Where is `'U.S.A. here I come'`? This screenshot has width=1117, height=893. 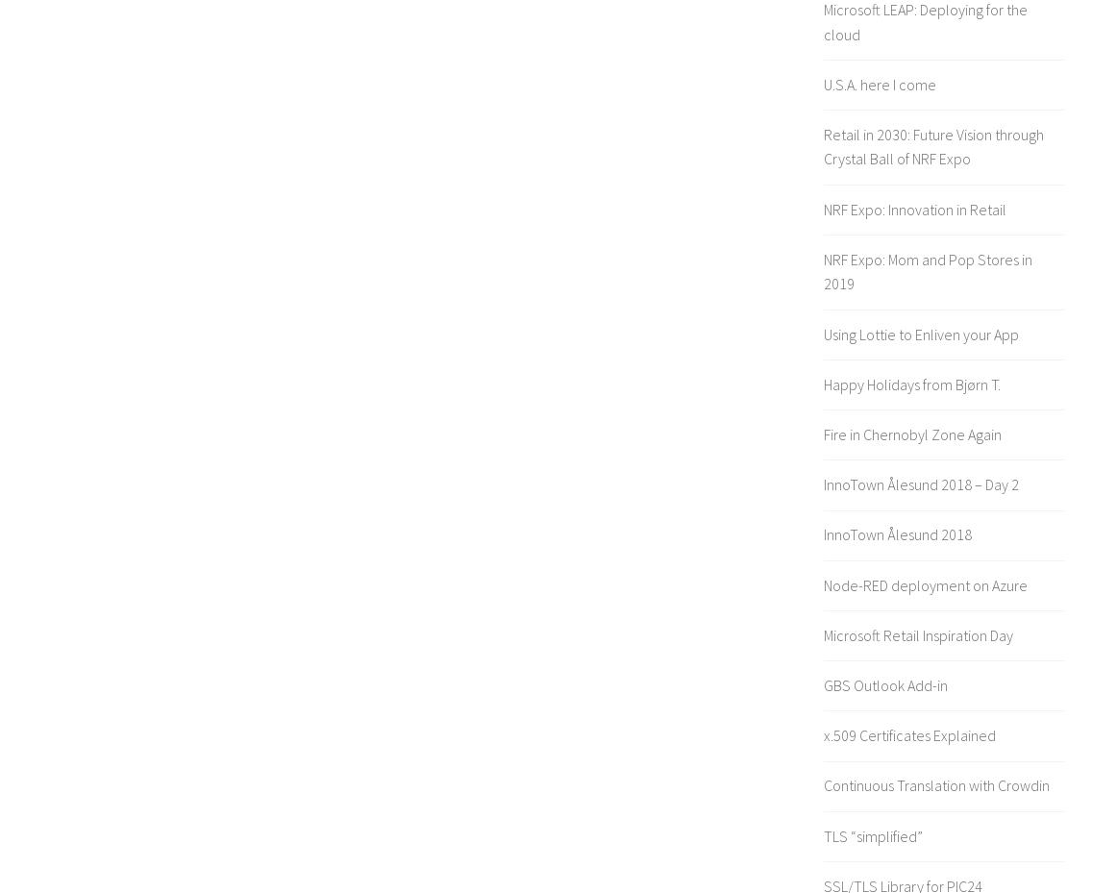
'U.S.A. here I come' is located at coordinates (823, 82).